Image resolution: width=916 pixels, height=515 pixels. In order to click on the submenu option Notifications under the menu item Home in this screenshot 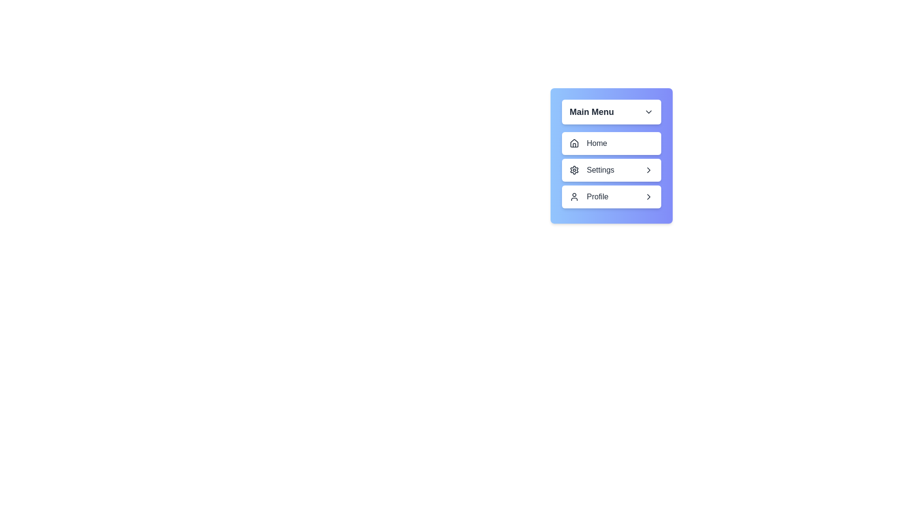, I will do `click(611, 143)`.